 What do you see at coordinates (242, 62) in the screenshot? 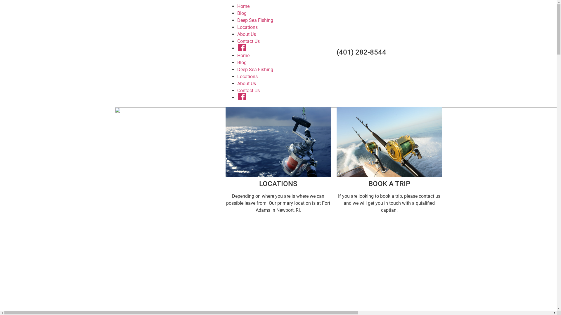
I see `'Blog'` at bounding box center [242, 62].